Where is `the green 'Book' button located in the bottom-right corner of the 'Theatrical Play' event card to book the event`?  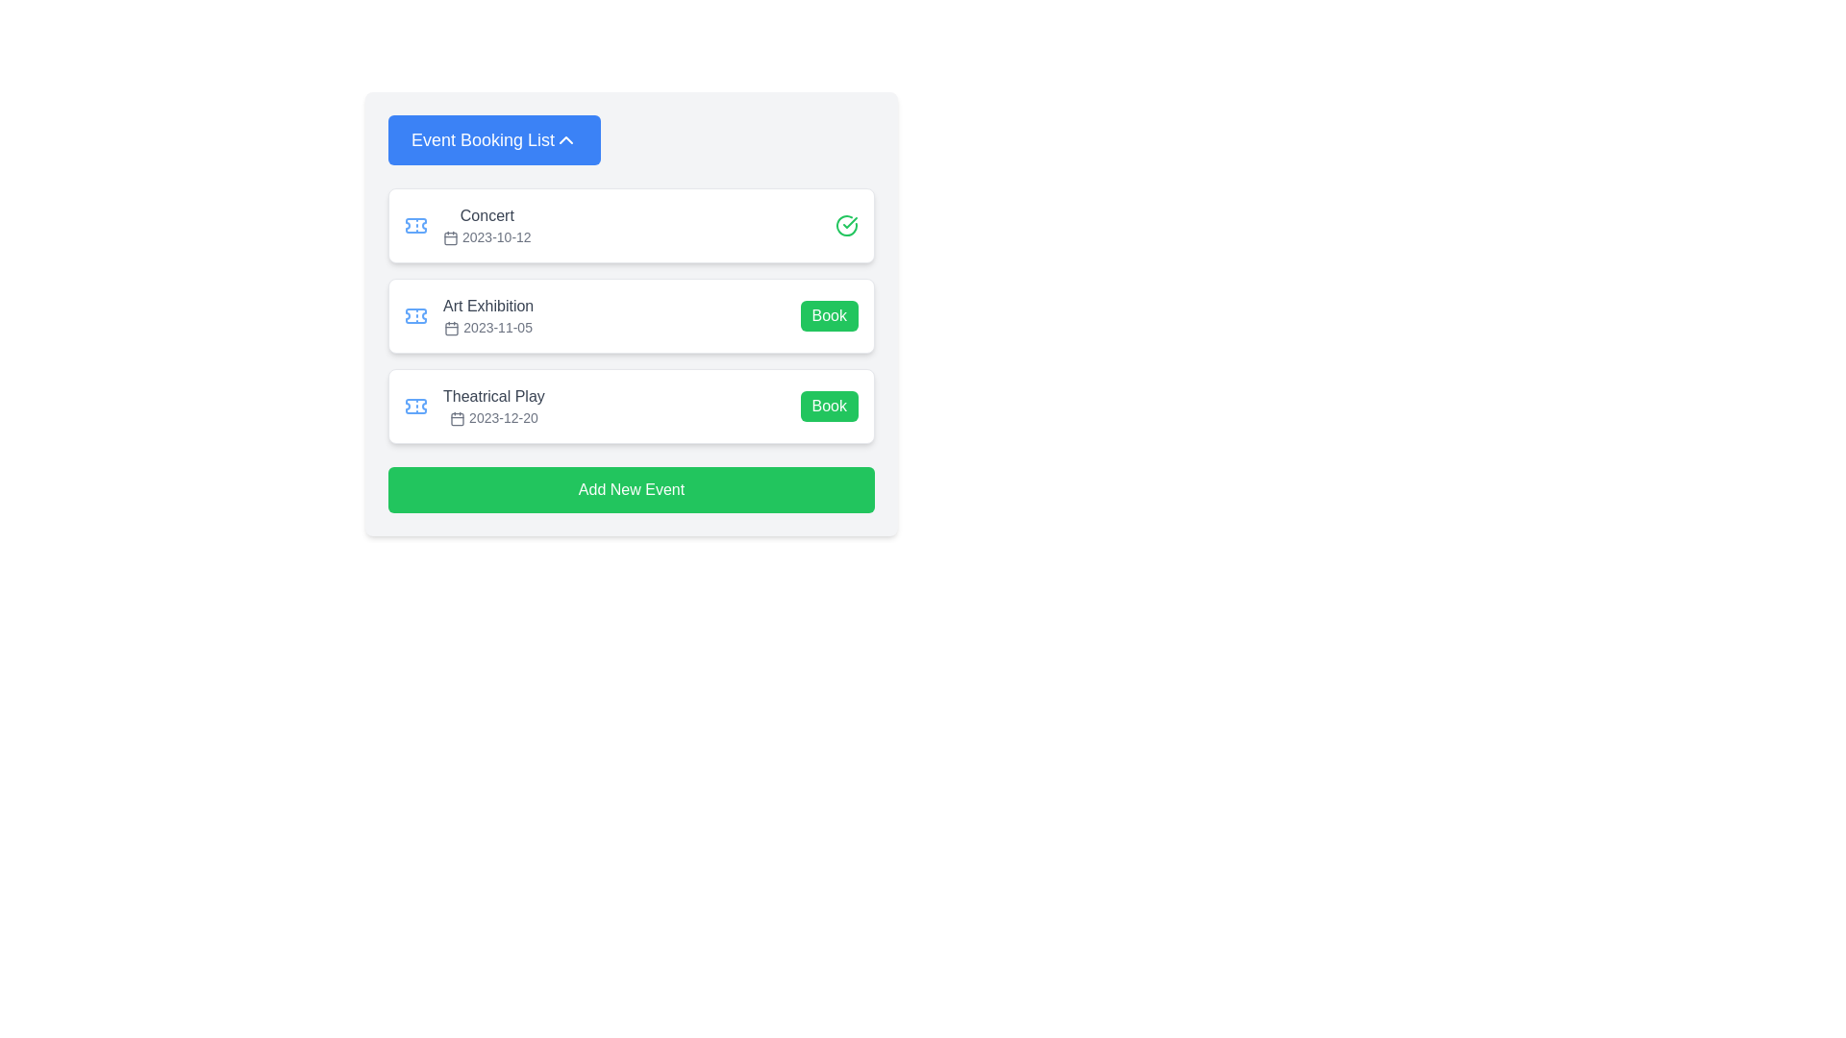 the green 'Book' button located in the bottom-right corner of the 'Theatrical Play' event card to book the event is located at coordinates (829, 406).